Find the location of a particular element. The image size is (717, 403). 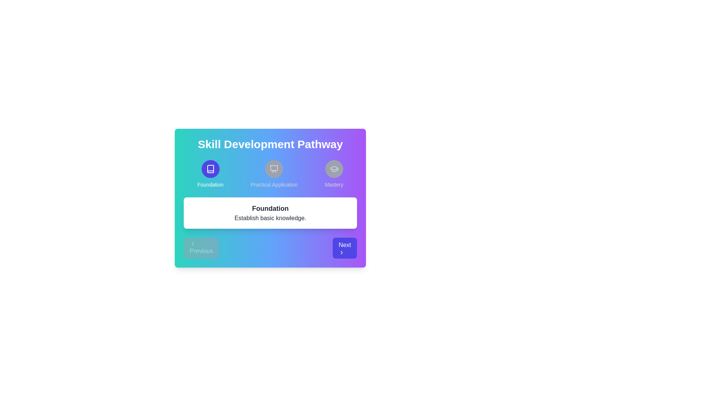

'Next' button to navigate to the next phase is located at coordinates (344, 248).